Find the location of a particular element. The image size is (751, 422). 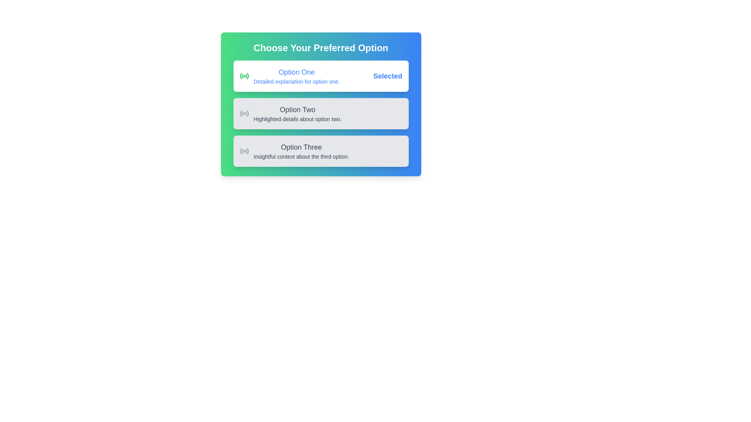

the right-side arc of the second radio-like icon representing 'Option Two' in the vertical list is located at coordinates (246, 114).